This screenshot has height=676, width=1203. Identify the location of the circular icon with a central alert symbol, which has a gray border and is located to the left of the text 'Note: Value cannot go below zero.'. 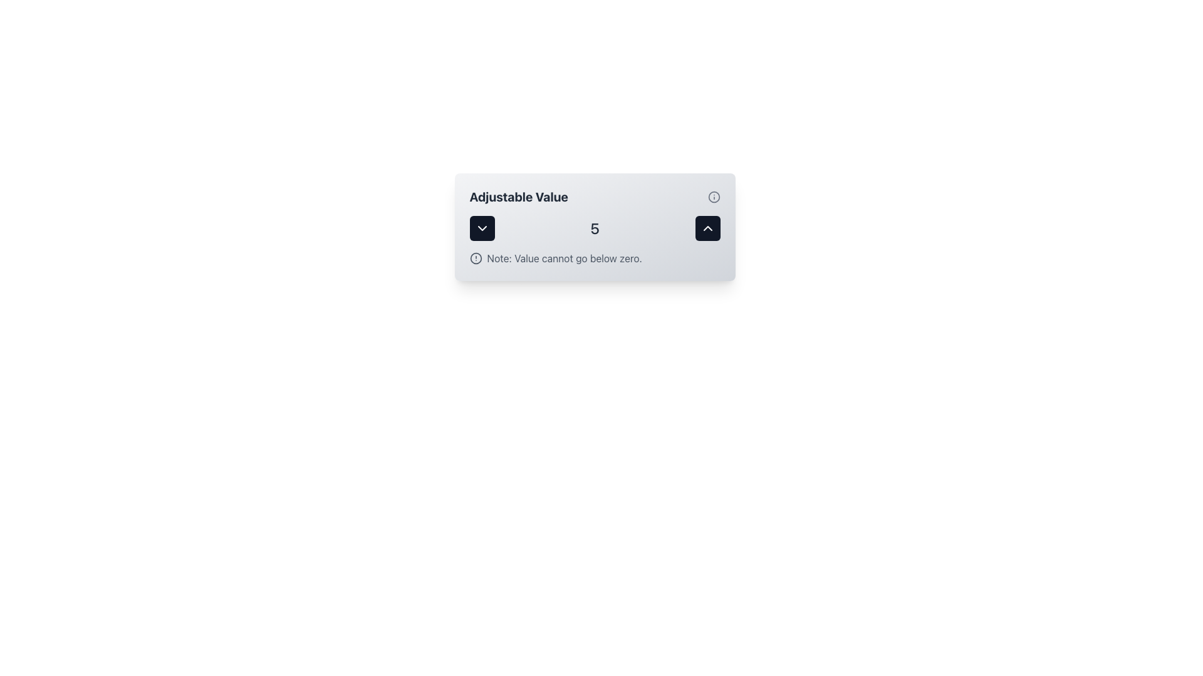
(475, 257).